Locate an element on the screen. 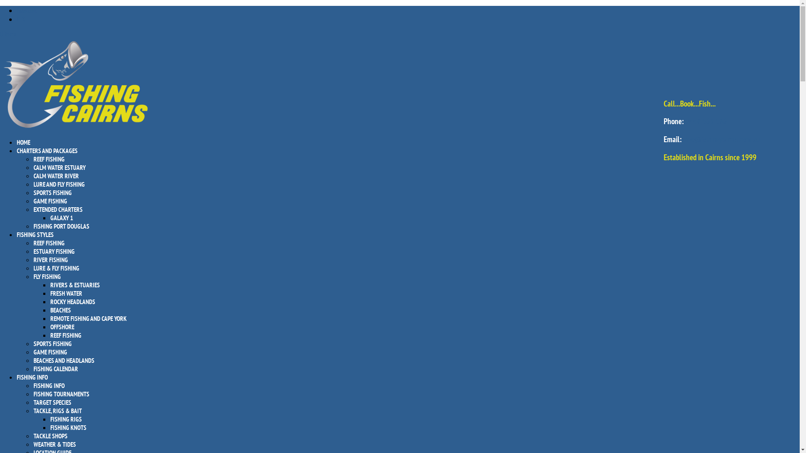  'FISHING INFO' is located at coordinates (48, 385).